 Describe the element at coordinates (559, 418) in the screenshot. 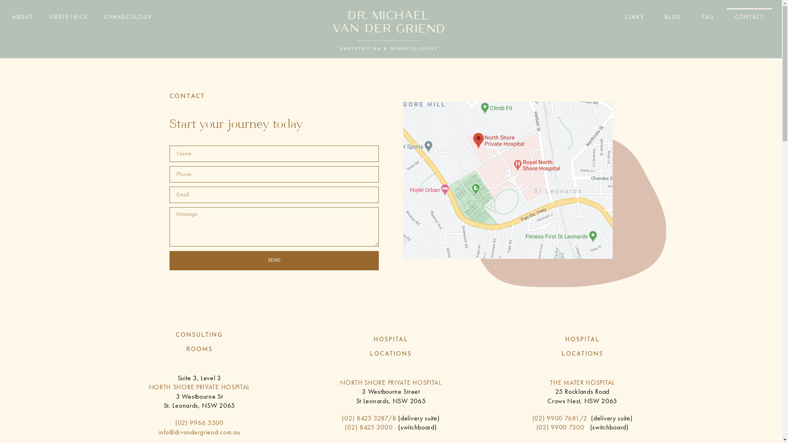

I see `'(02) 9900 7681/2'` at that location.